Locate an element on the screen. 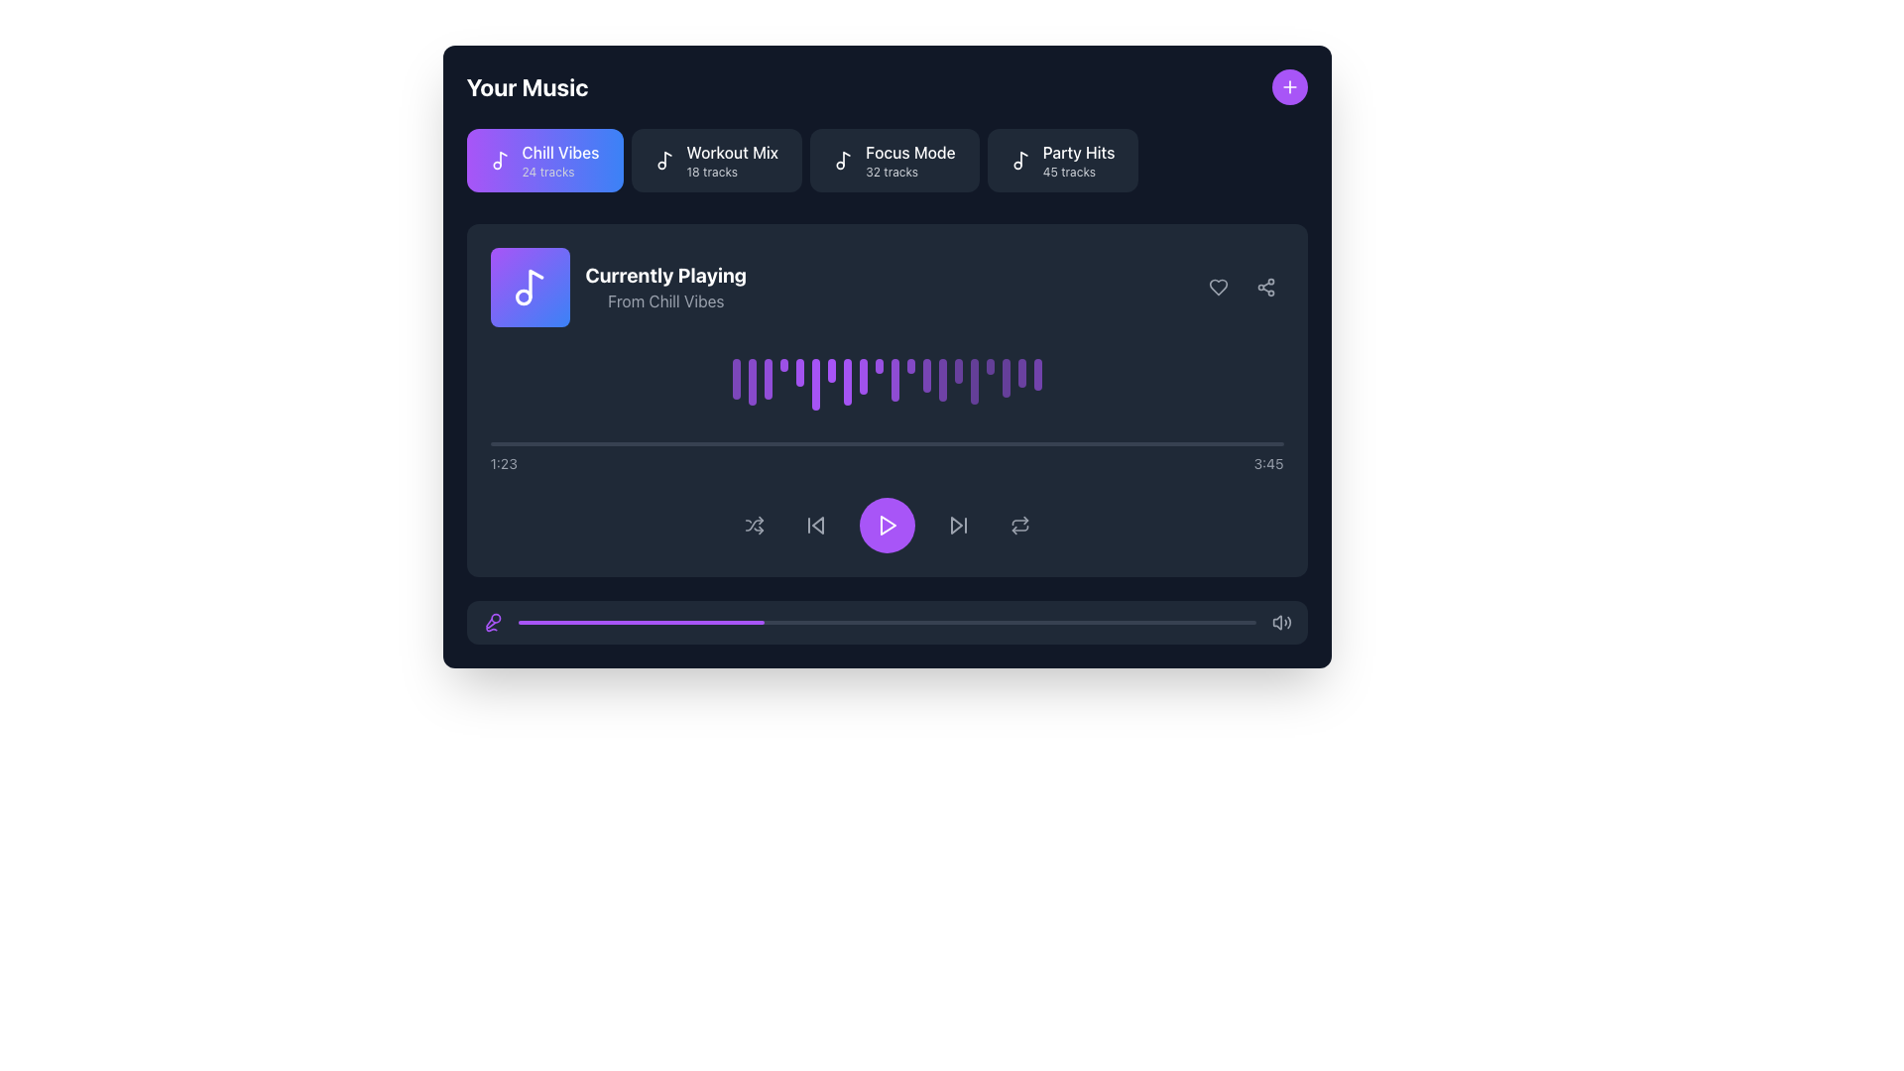 The image size is (1904, 1071). playback time is located at coordinates (652, 443).